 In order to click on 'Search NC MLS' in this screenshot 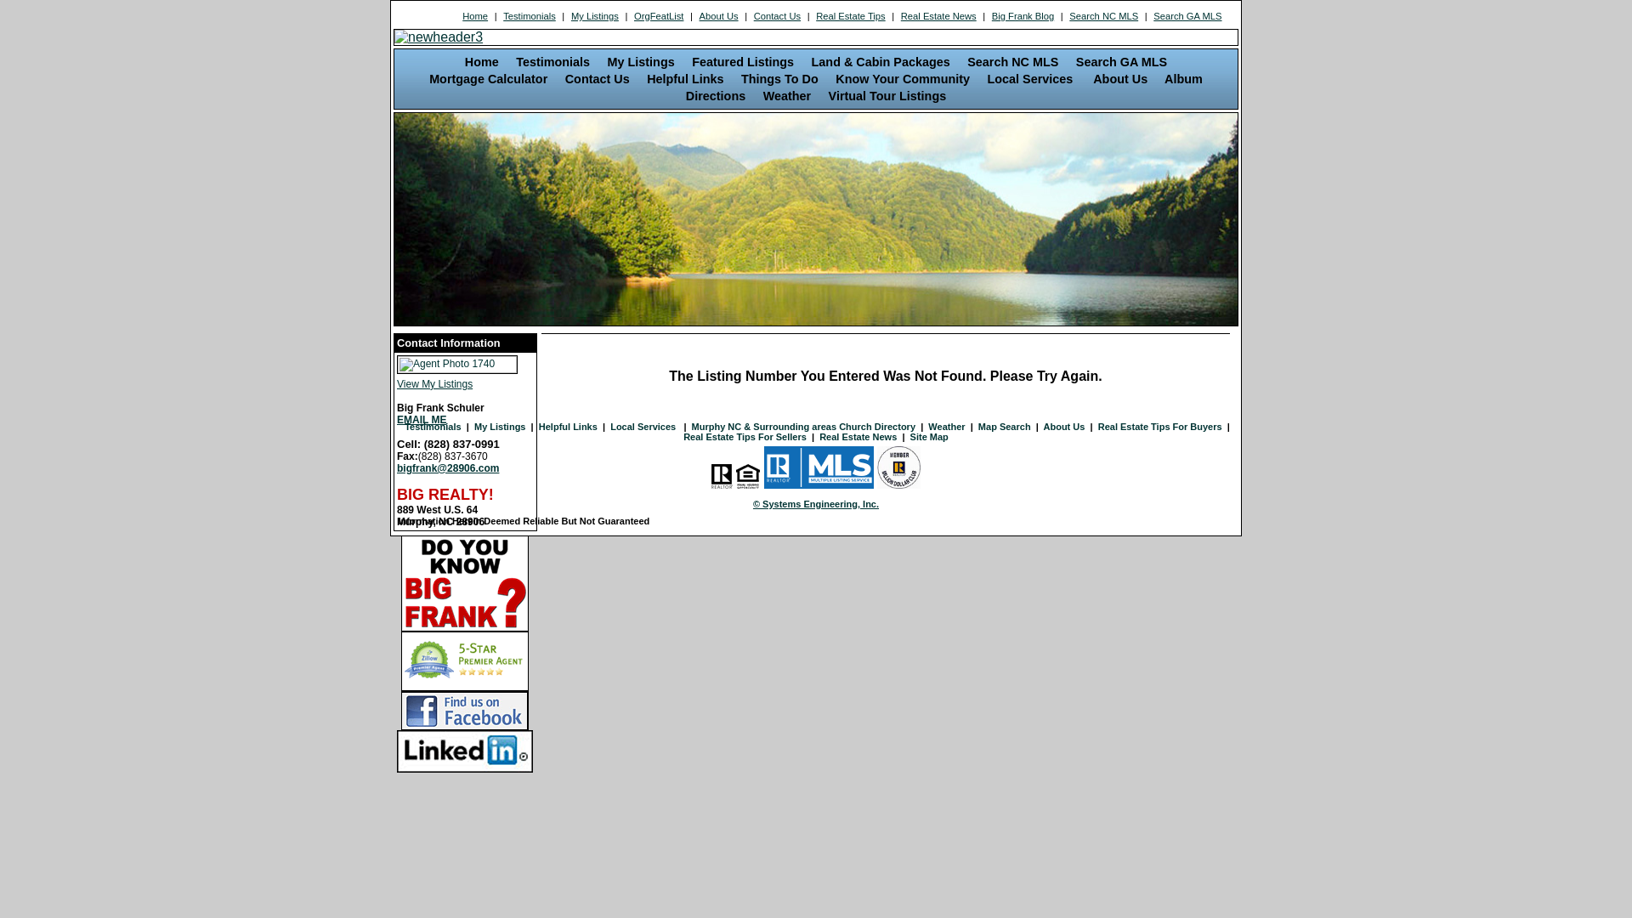, I will do `click(1104, 16)`.